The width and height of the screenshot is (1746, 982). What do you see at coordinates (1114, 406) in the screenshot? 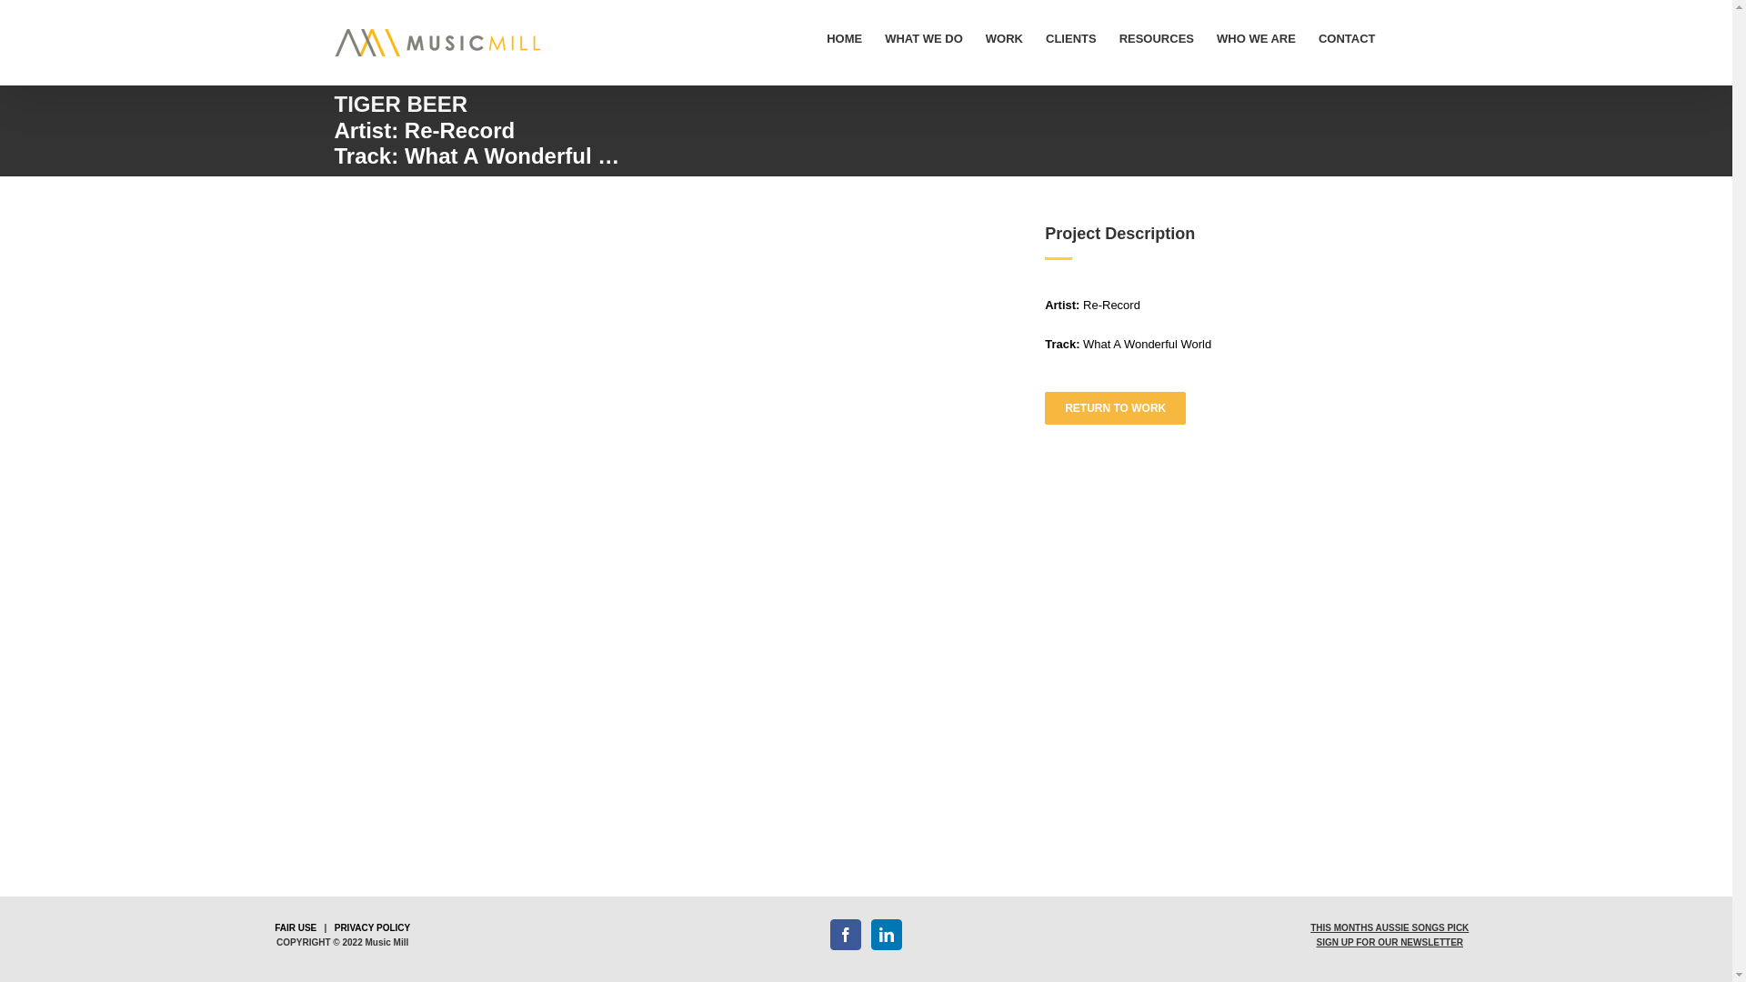
I see `'RETURN TO WORK'` at bounding box center [1114, 406].